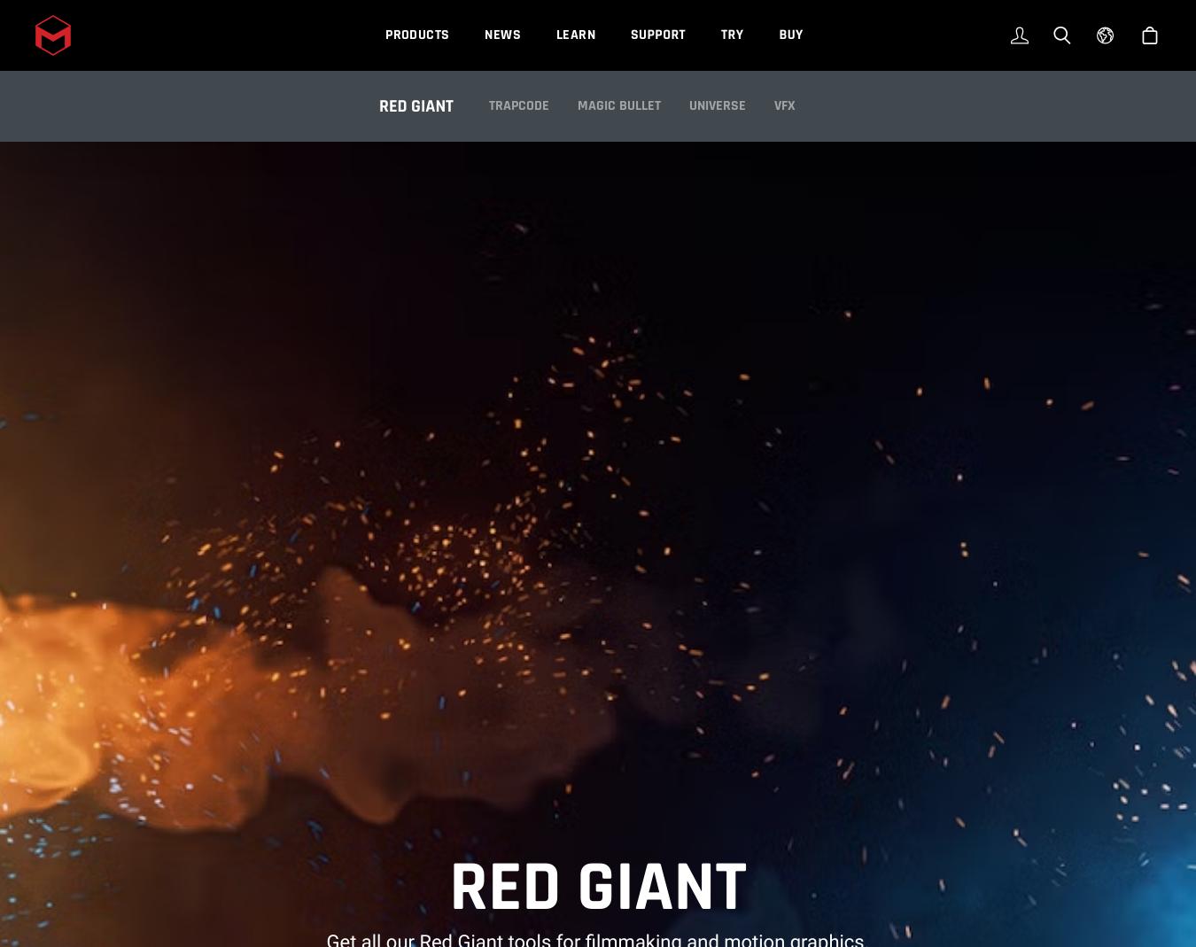  I want to click on 'ZCLASSROOM', so click(596, 27).